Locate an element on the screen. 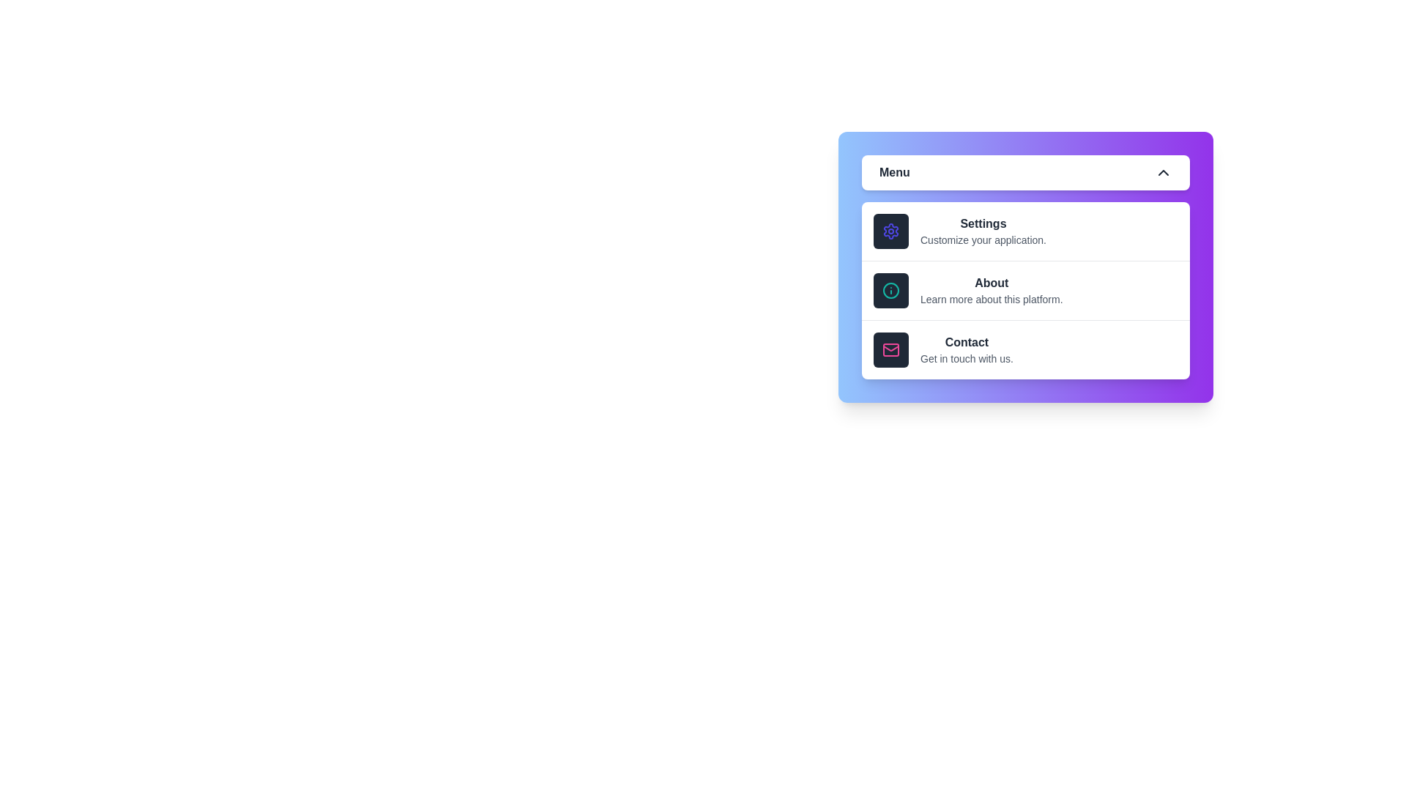 This screenshot has width=1406, height=791. the toggle button to toggle the menu state is located at coordinates (1025, 171).